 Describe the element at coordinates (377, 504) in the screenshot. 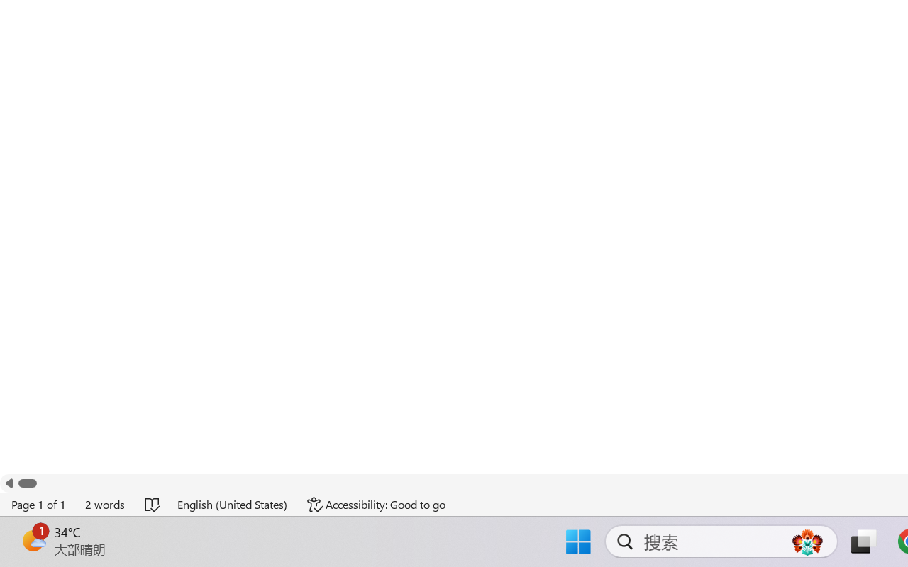

I see `'Accessibility Checker Accessibility: Good to go'` at that location.